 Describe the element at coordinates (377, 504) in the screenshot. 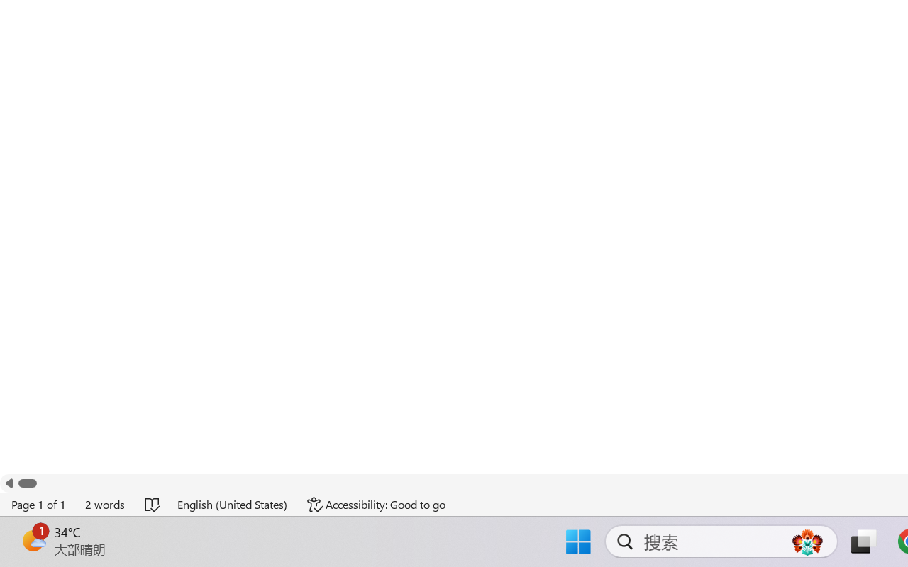

I see `'Accessibility Checker Accessibility: Good to go'` at that location.